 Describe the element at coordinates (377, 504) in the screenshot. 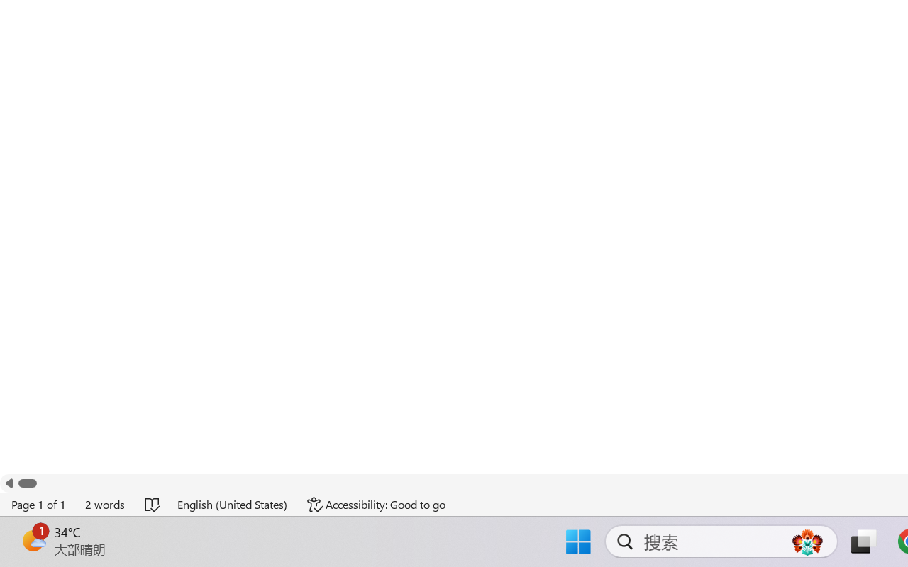

I see `'Accessibility Checker Accessibility: Good to go'` at that location.